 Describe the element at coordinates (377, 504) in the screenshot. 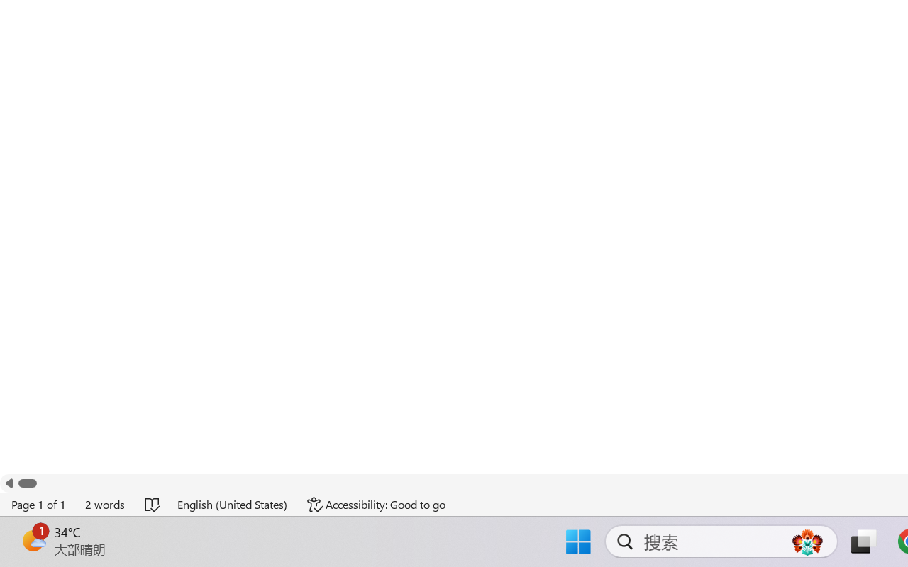

I see `'Accessibility Checker Accessibility: Good to go'` at that location.